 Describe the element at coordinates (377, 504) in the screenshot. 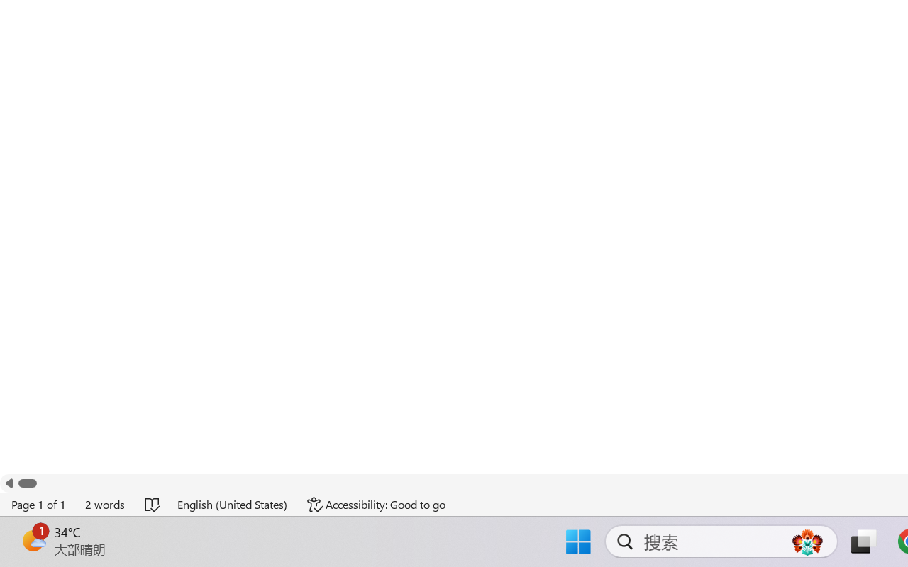

I see `'Accessibility Checker Accessibility: Good to go'` at that location.